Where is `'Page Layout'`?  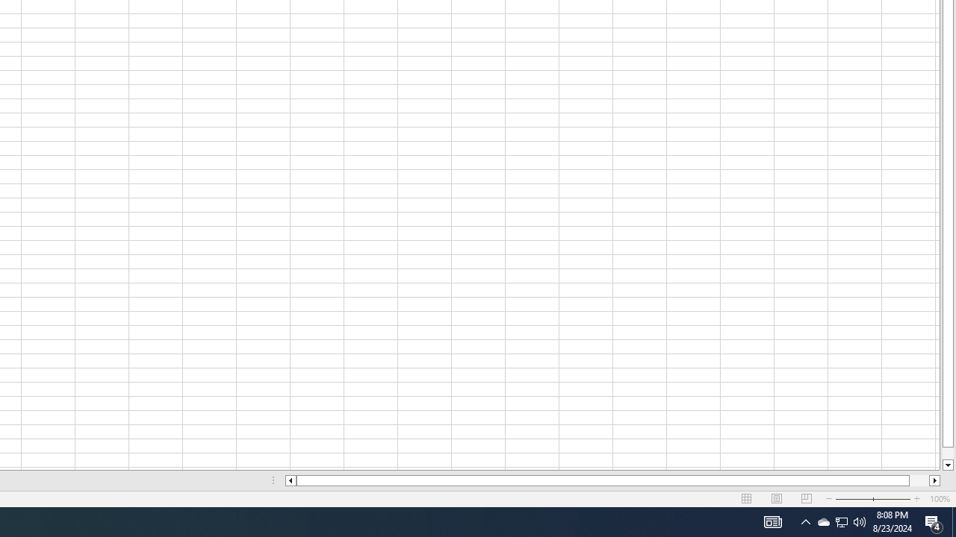
'Page Layout' is located at coordinates (777, 499).